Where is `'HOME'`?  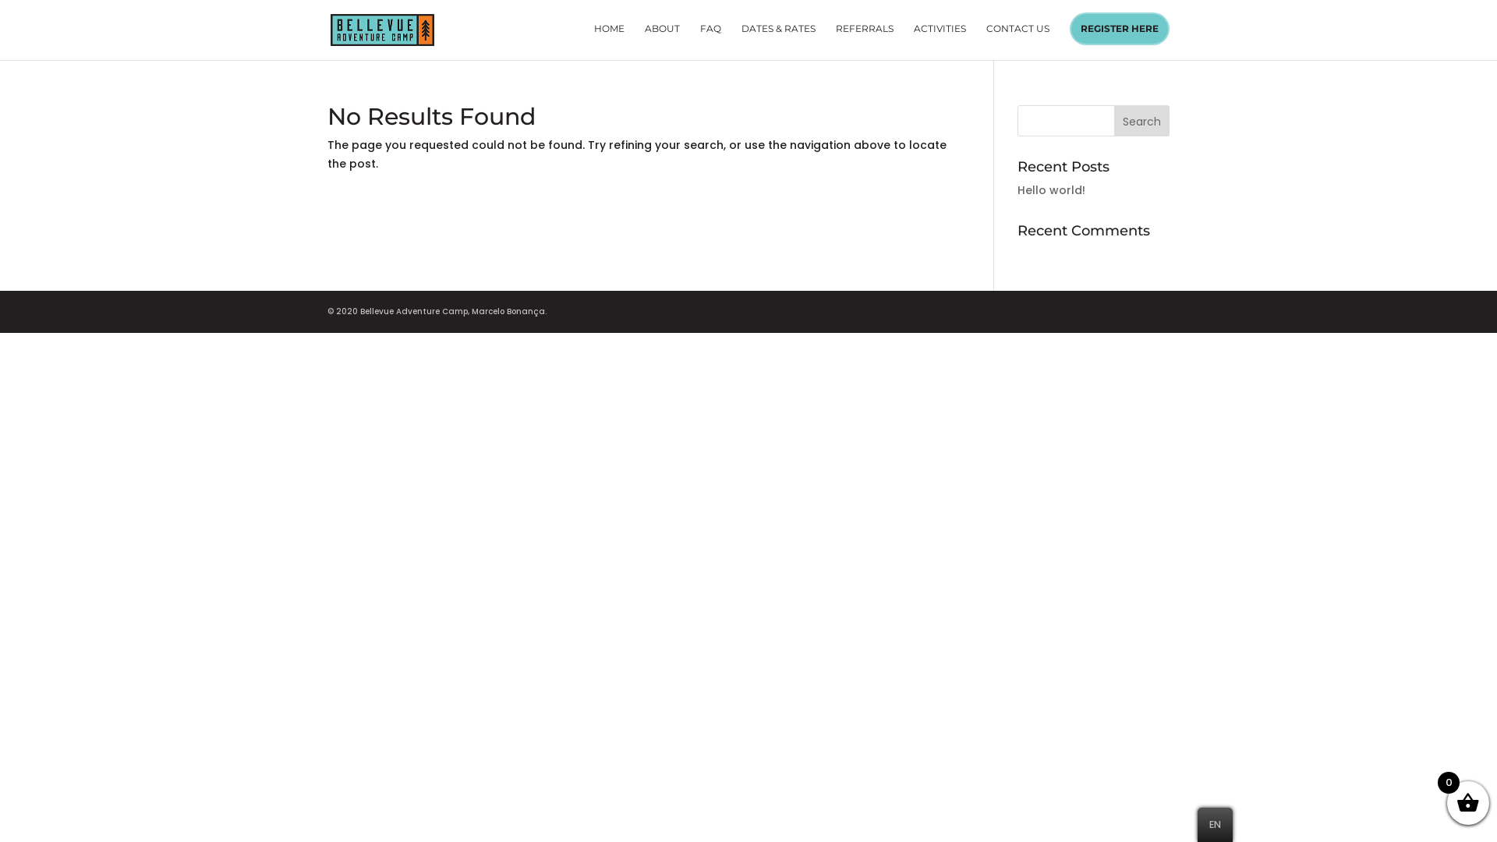 'HOME' is located at coordinates (608, 41).